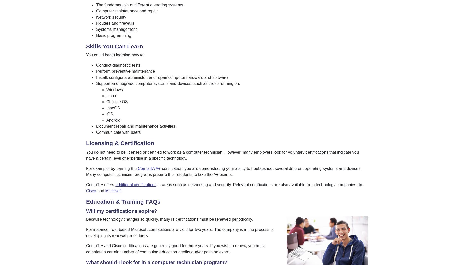 The height and width of the screenshot is (265, 454). Describe the element at coordinates (125, 71) in the screenshot. I see `'Perform preventive maintenance'` at that location.